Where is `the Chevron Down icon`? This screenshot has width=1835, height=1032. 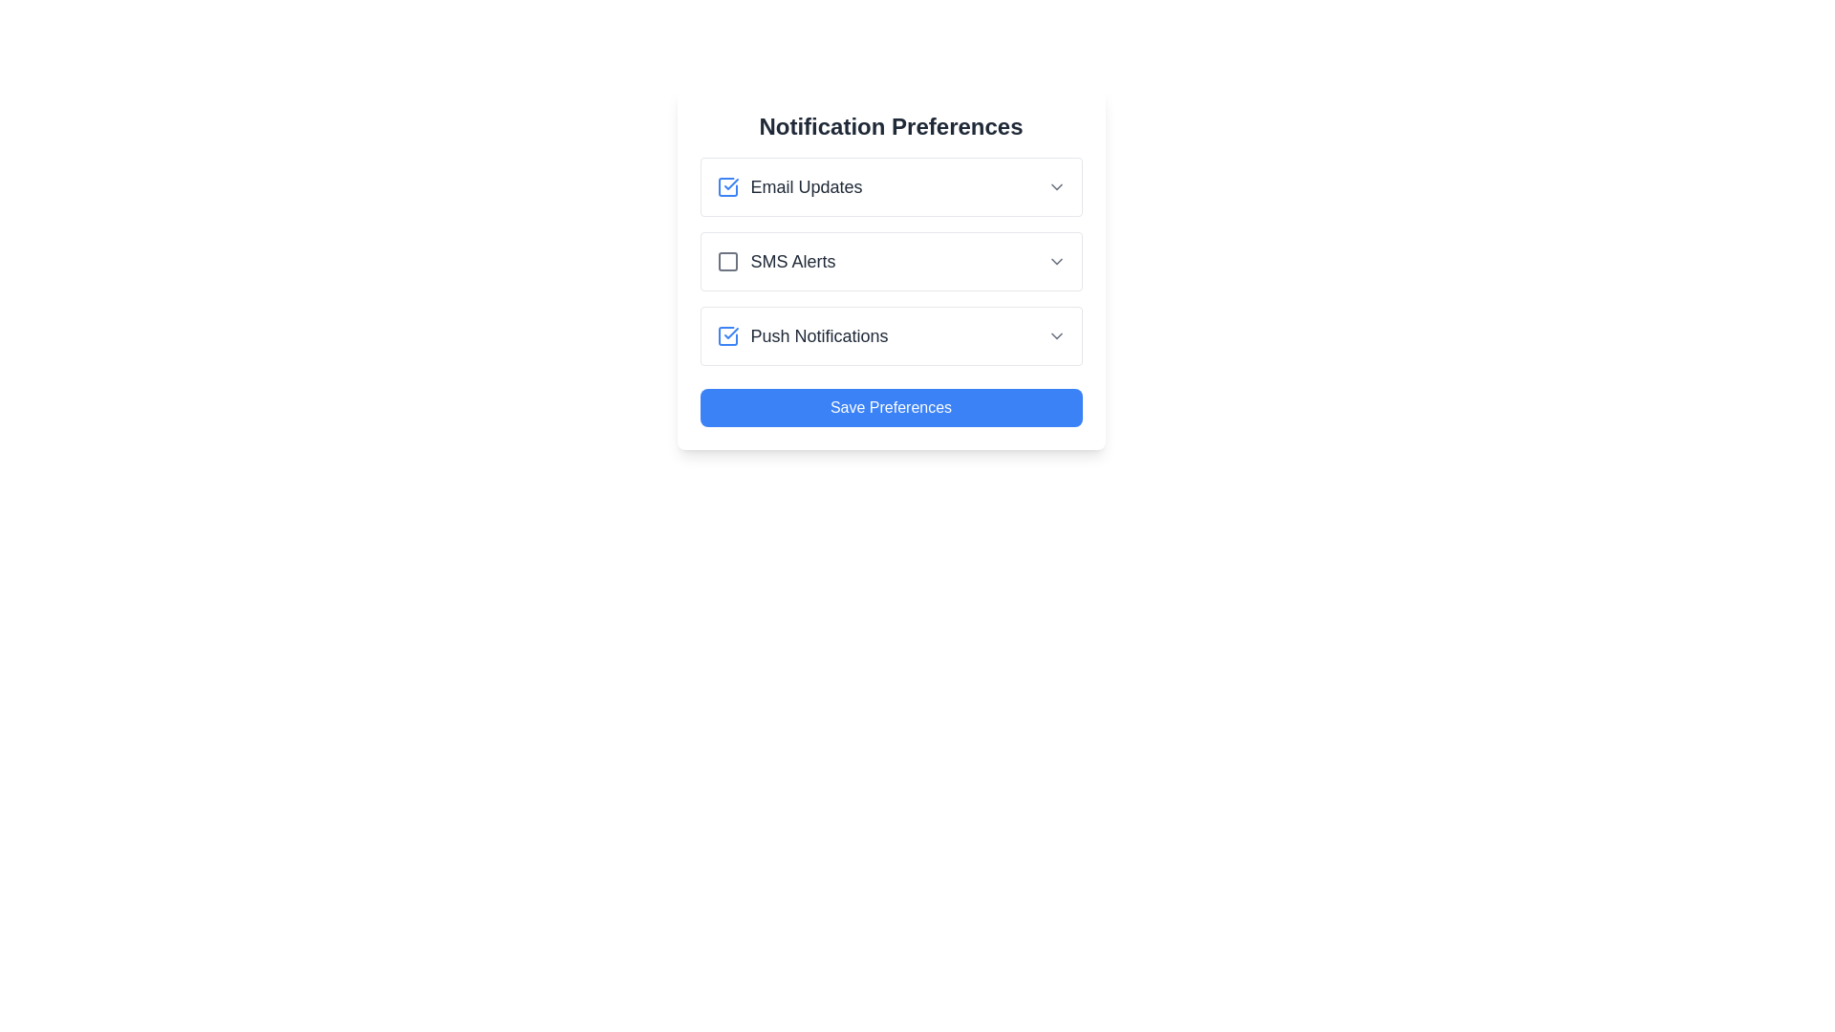 the Chevron Down icon is located at coordinates (1055, 261).